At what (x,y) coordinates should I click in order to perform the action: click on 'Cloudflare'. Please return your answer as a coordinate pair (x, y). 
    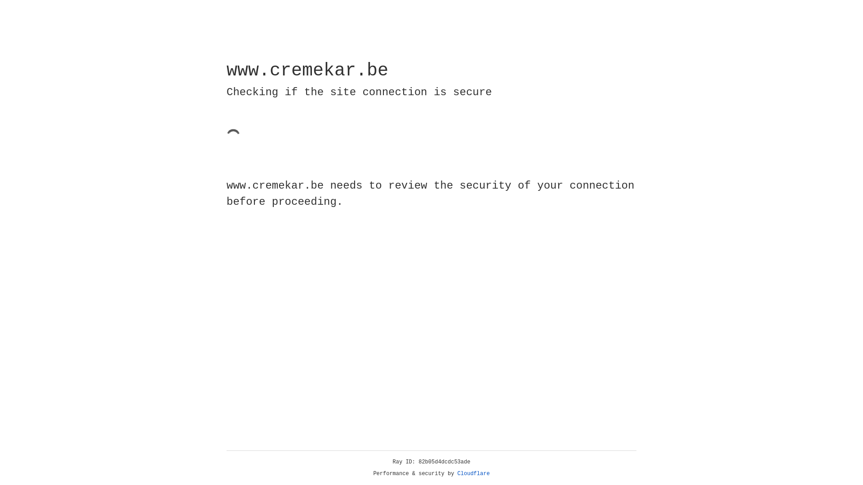
    Looking at the image, I should click on (473, 473).